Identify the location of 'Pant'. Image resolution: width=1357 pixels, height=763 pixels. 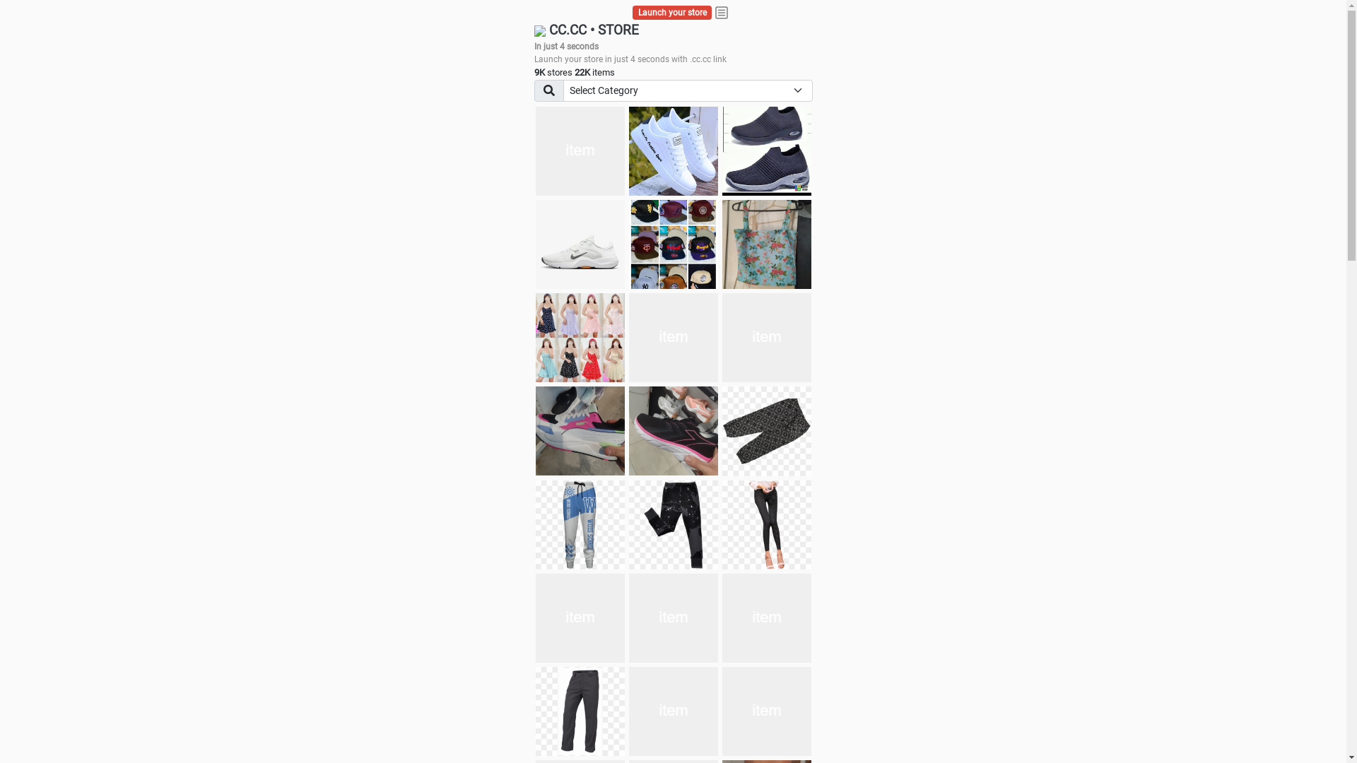
(580, 711).